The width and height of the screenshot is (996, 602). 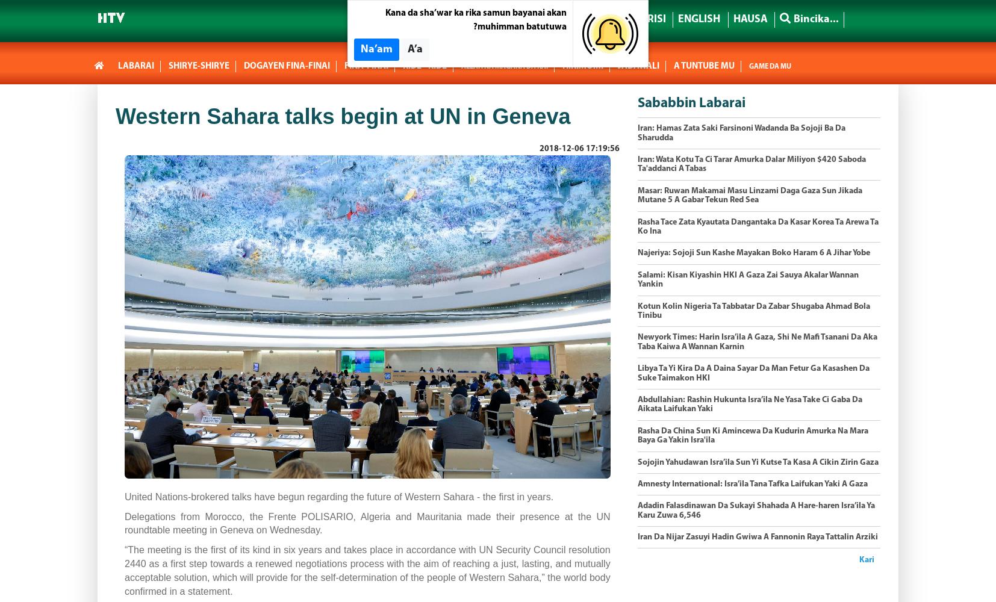 What do you see at coordinates (425, 66) in the screenshot?
I see `'KIDE - KIDE'` at bounding box center [425, 66].